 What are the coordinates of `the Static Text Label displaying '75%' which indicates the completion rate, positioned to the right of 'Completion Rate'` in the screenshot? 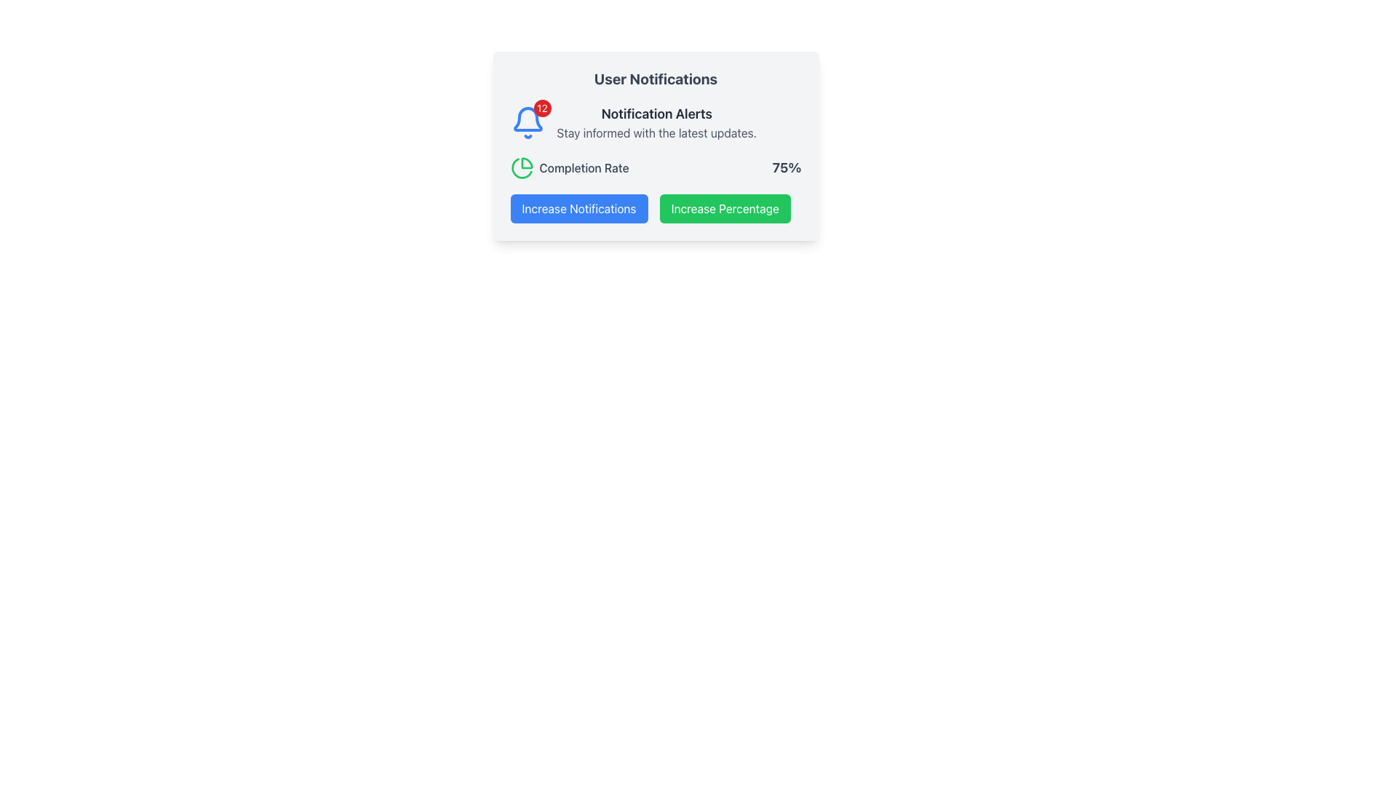 It's located at (786, 167).